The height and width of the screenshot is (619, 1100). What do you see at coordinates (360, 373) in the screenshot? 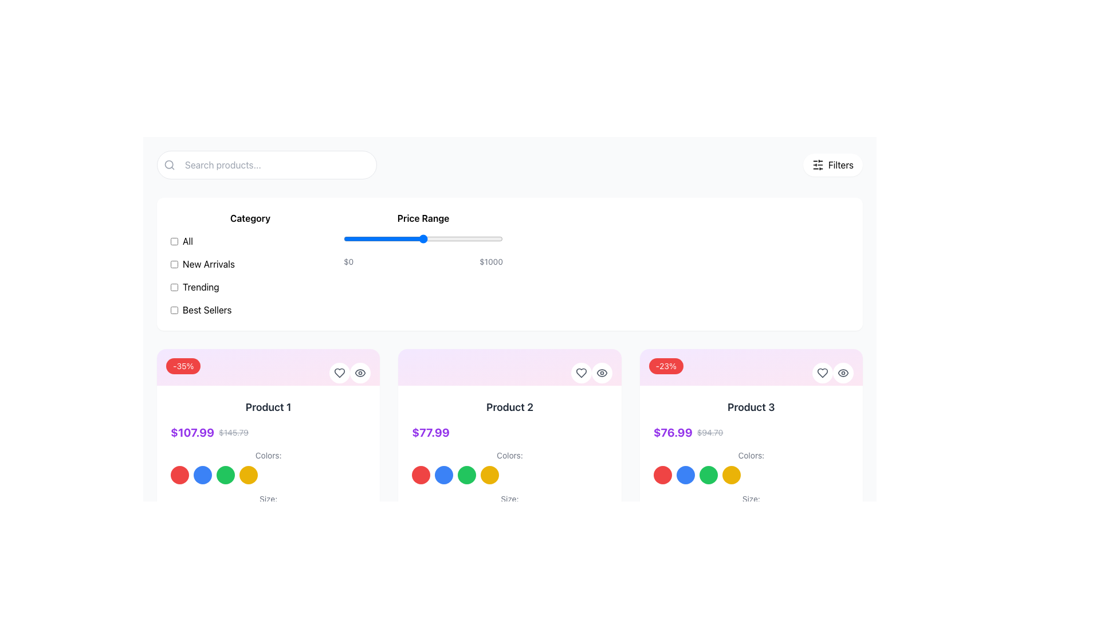
I see `the button for previewing product details for 'Product 1'` at bounding box center [360, 373].